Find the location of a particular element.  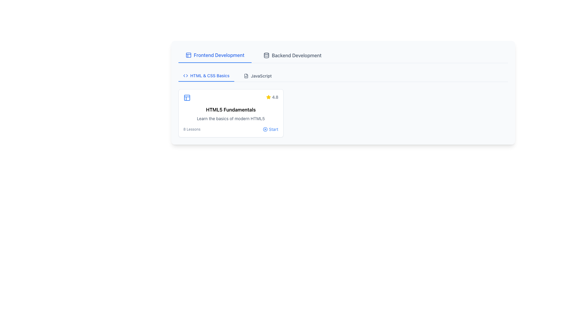

text that provides a brief description or summary about the HTML5 Fundamentals course, which is located beneath the title text 'HTML5 Fundamentals' is located at coordinates (230, 118).